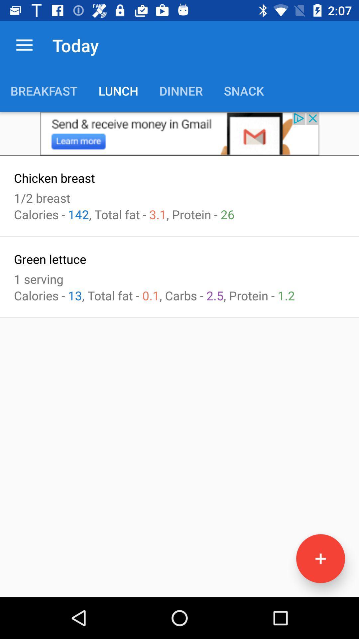 The image size is (359, 639). I want to click on send money advertisement, so click(179, 133).